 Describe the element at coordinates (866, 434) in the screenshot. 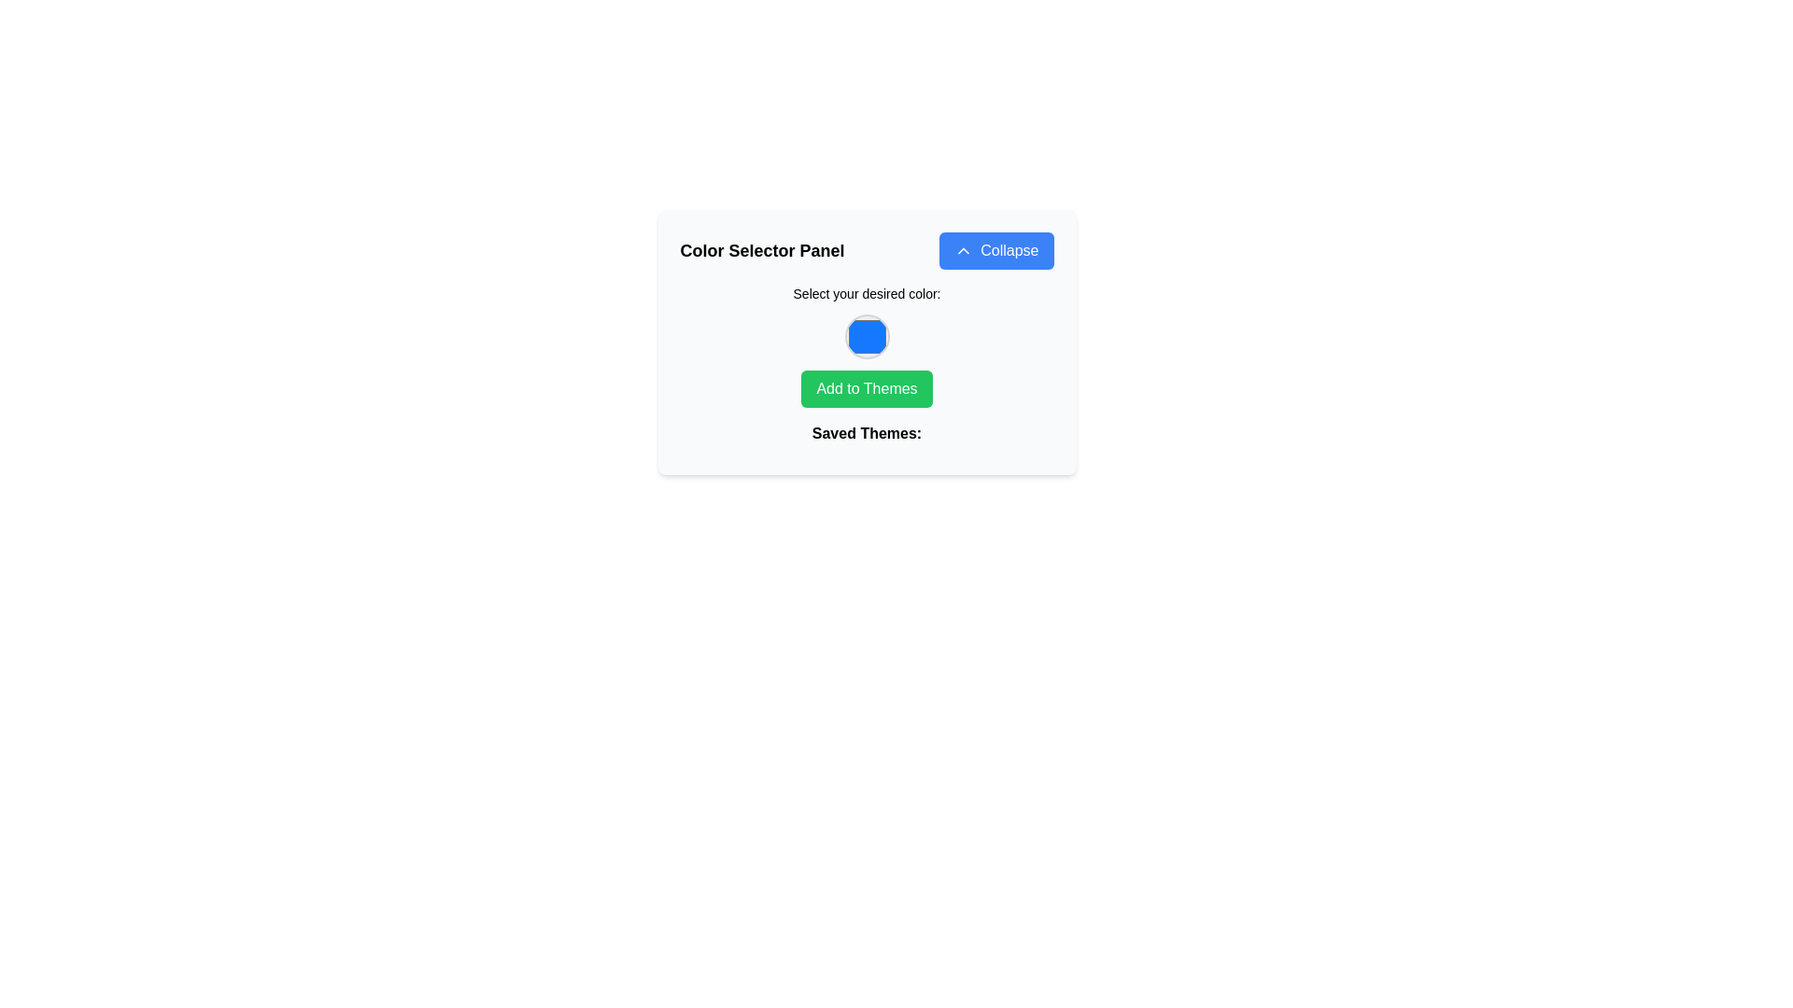

I see `the text label indicating the section for managing saved themes, which is positioned at the center of the bottom section of the 'Color Selector Panel', beneath the 'Add to Themes' button` at that location.